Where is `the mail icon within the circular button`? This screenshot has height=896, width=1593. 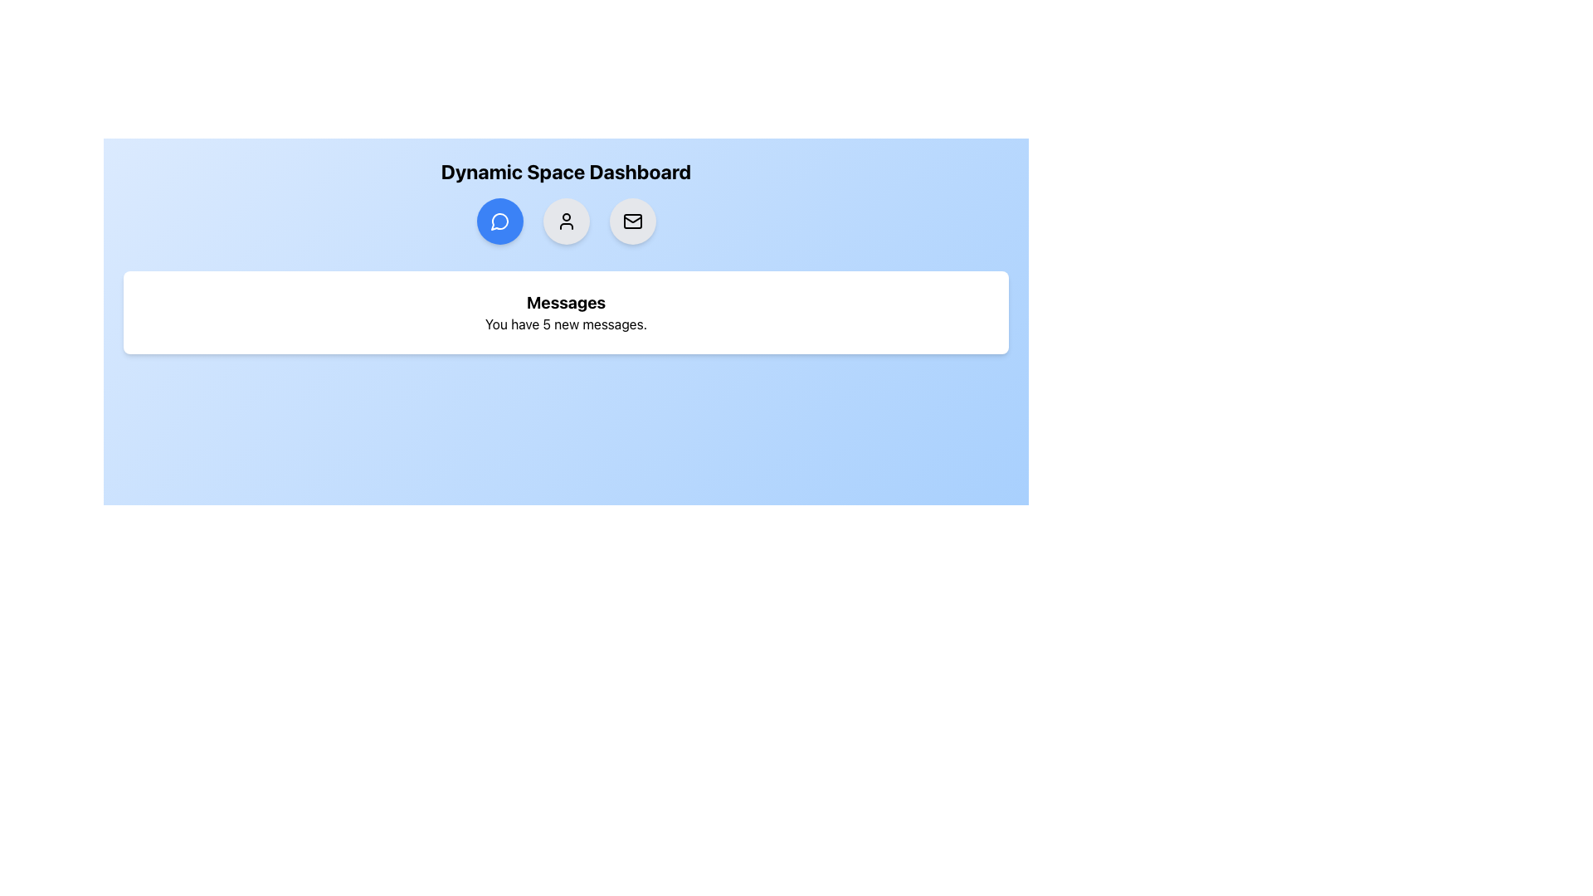 the mail icon within the circular button is located at coordinates (631, 220).